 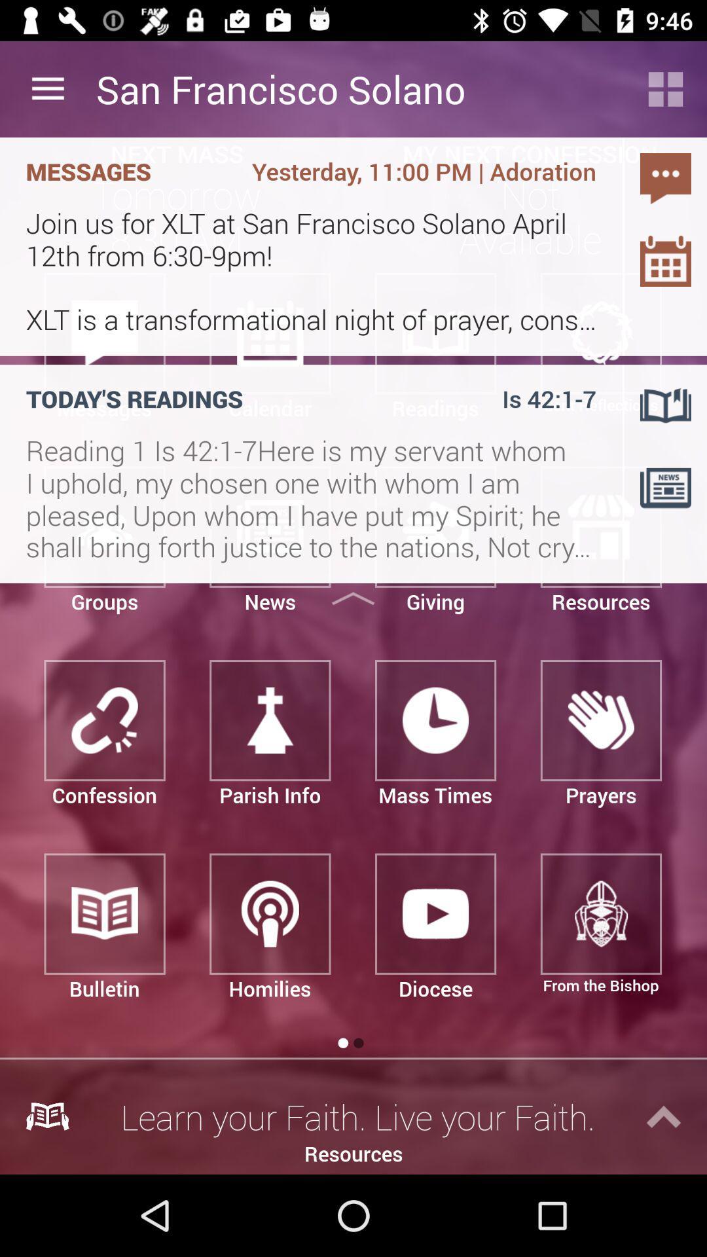 I want to click on the book icon, so click(x=666, y=405).